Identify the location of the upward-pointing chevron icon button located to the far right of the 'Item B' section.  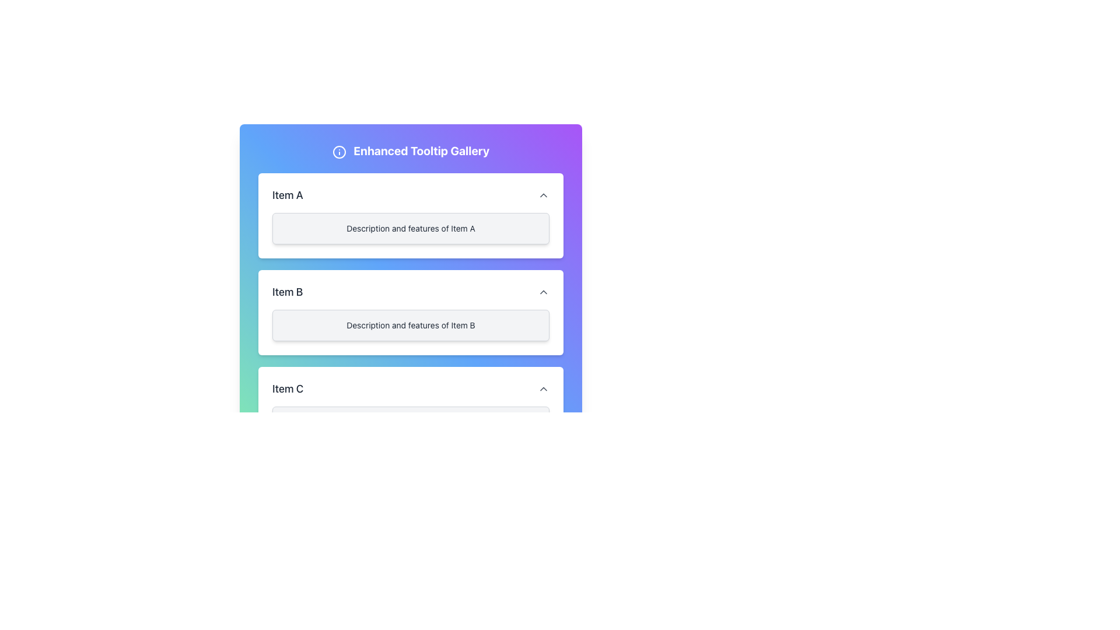
(542, 292).